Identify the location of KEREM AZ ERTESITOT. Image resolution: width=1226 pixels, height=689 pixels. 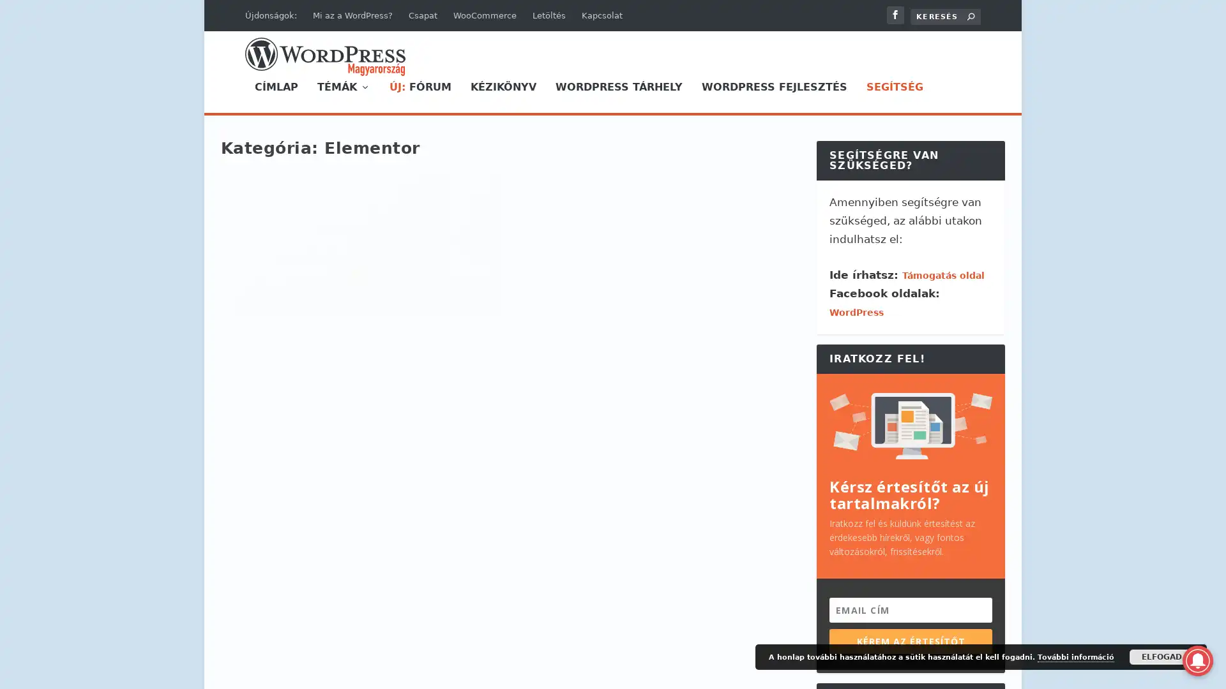
(910, 641).